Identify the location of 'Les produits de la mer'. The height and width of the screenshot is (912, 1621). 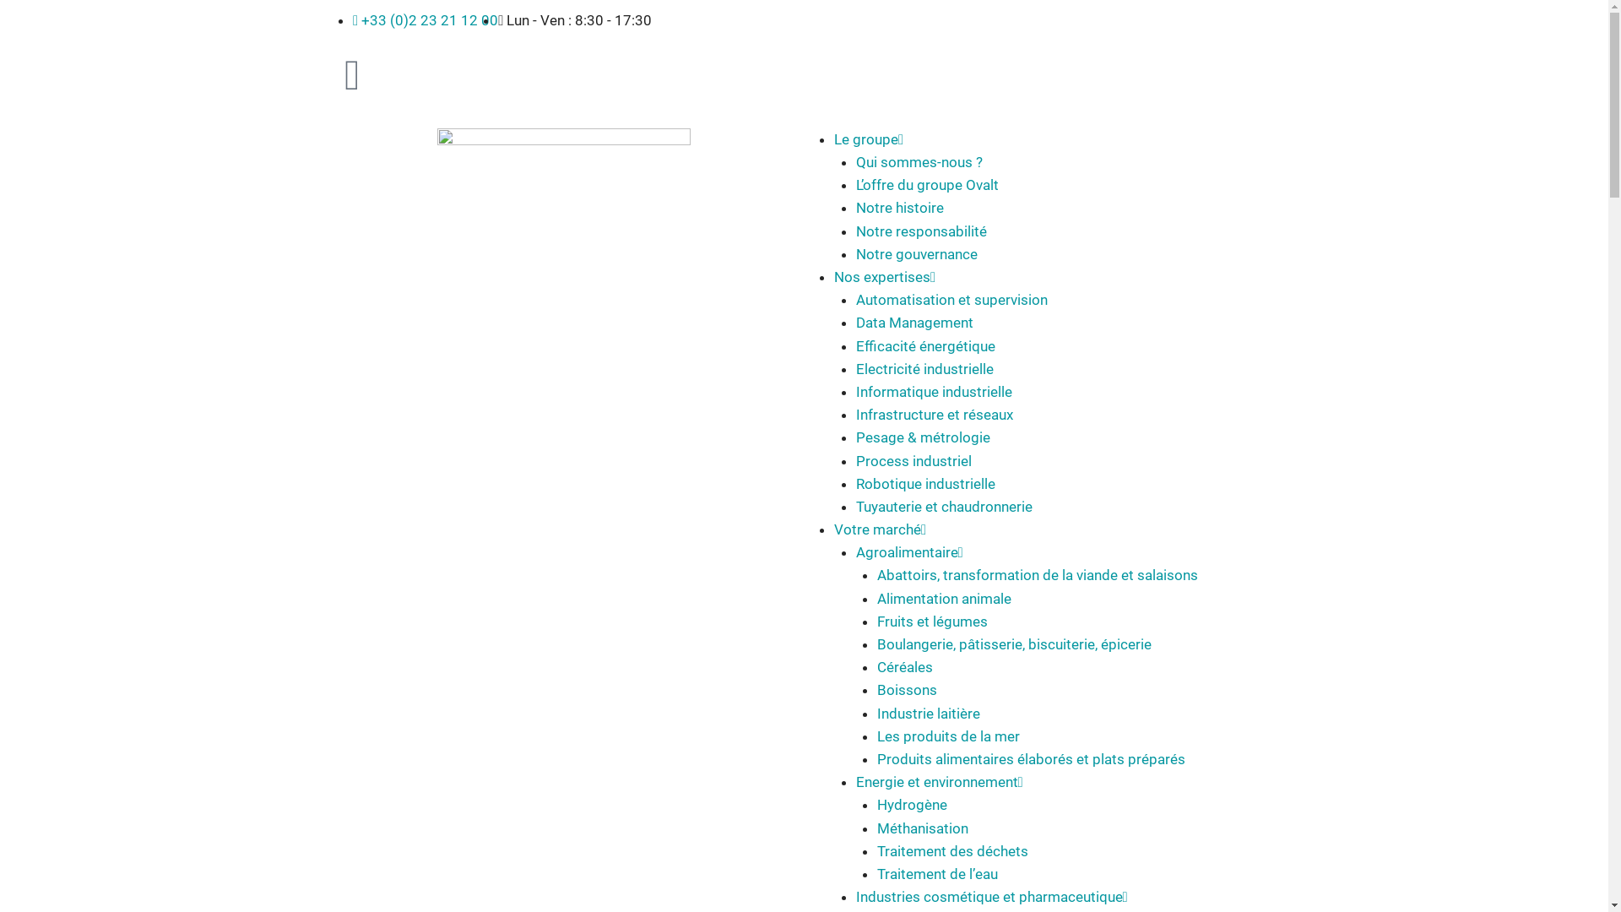
(948, 735).